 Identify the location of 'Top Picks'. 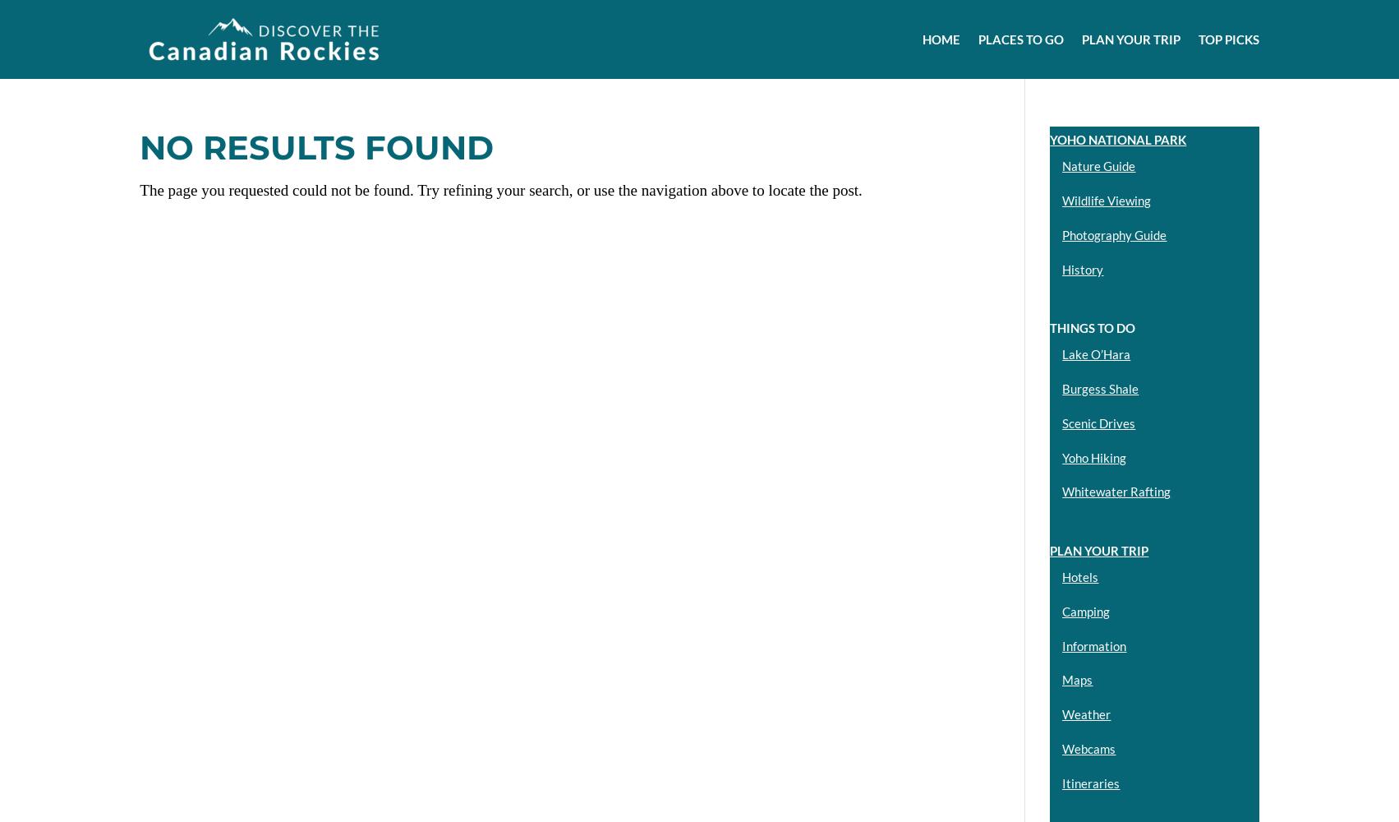
(1228, 39).